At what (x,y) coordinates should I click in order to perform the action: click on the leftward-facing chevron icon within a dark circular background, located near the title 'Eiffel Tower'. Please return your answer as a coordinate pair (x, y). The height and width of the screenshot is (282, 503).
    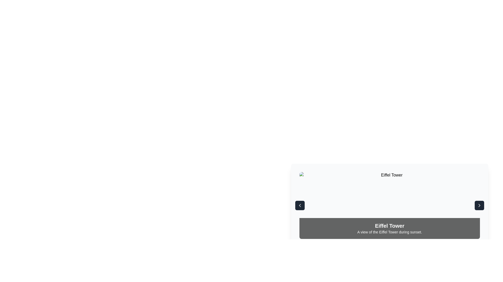
    Looking at the image, I should click on (300, 205).